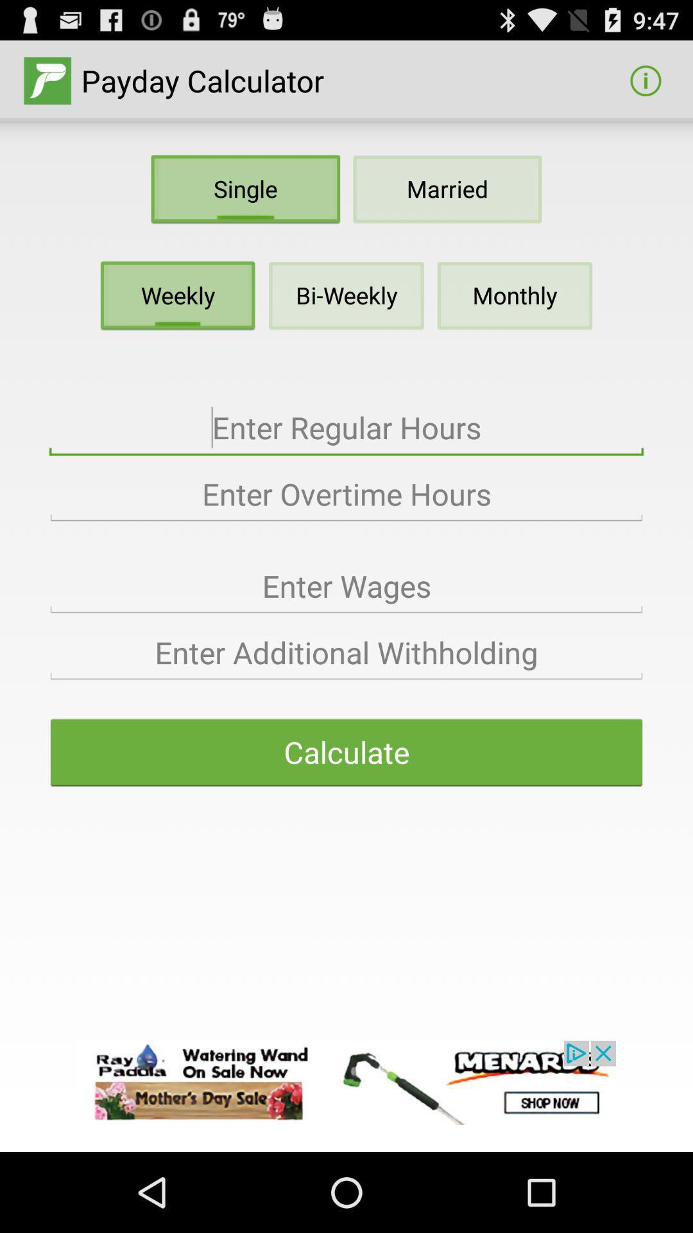 This screenshot has width=693, height=1233. Describe the element at coordinates (646, 80) in the screenshot. I see `the info button which is at top right corner of the page` at that location.